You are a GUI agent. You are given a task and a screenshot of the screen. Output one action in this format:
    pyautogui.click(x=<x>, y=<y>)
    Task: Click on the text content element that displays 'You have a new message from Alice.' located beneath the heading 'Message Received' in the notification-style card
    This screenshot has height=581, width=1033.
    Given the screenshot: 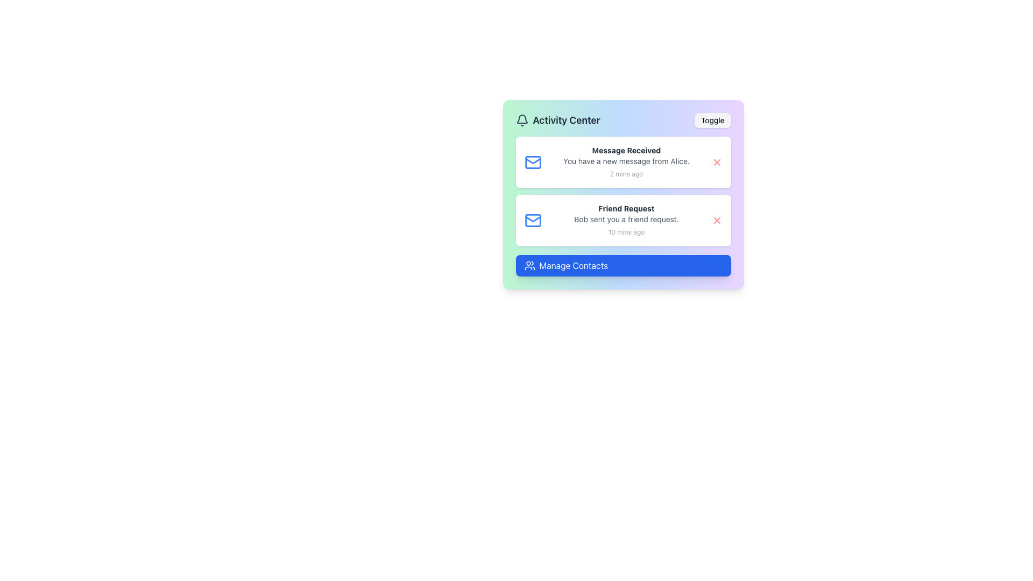 What is the action you would take?
    pyautogui.click(x=626, y=161)
    